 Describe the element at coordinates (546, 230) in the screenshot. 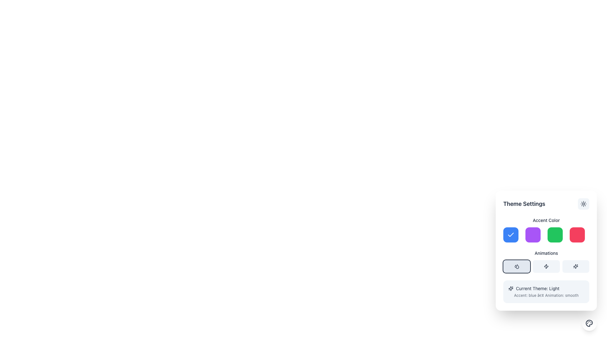

I see `a color option in the 'Accent Color' section of the Theme Settings panel` at that location.